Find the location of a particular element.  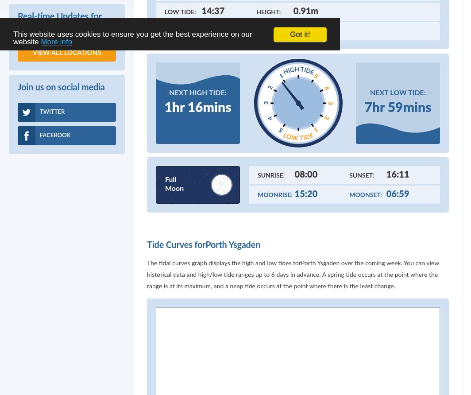

'Moonrise:' is located at coordinates (275, 194).